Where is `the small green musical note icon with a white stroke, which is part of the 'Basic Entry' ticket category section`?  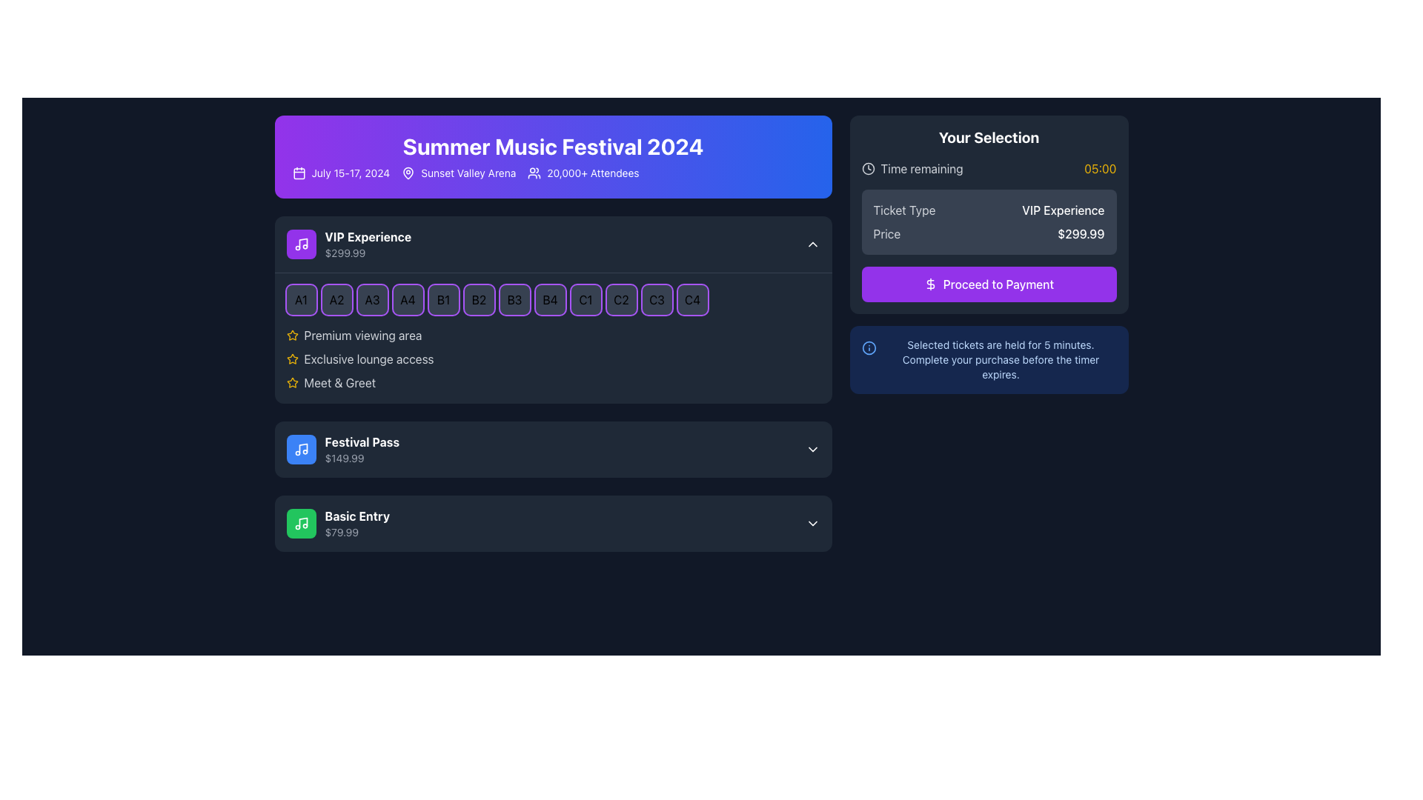
the small green musical note icon with a white stroke, which is part of the 'Basic Entry' ticket category section is located at coordinates (300, 522).